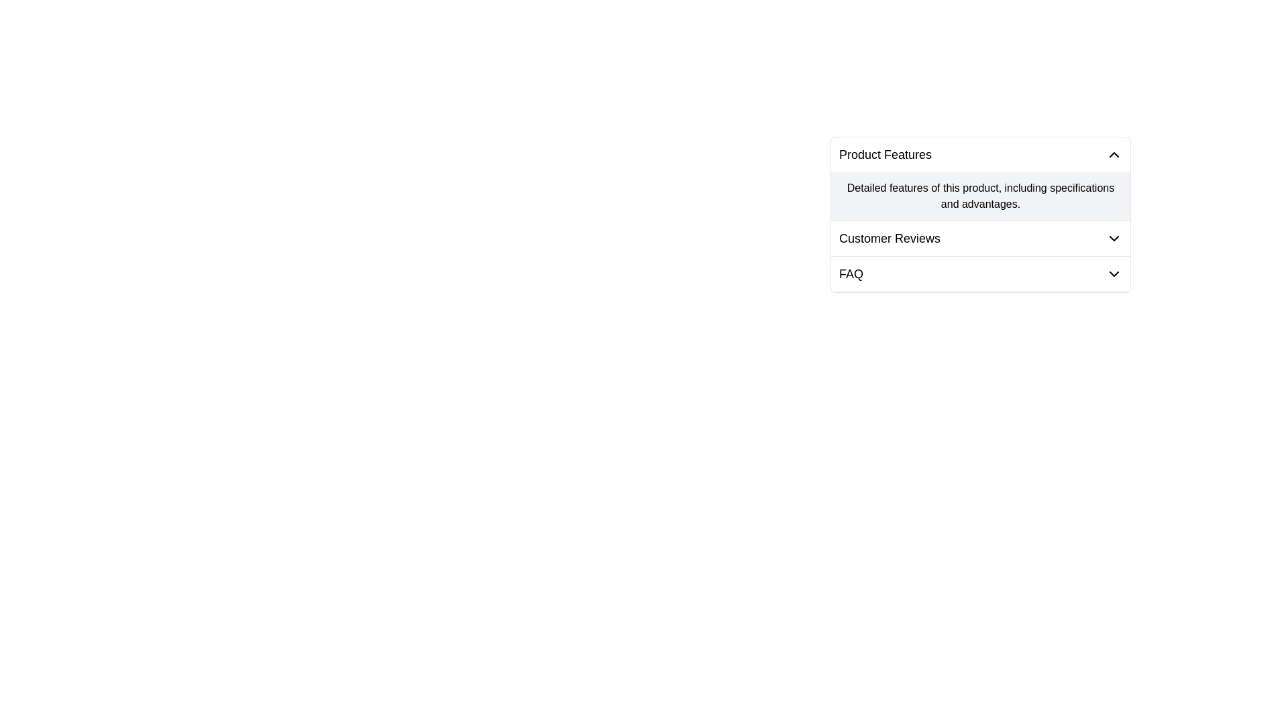 This screenshot has width=1288, height=724. What do you see at coordinates (981, 237) in the screenshot?
I see `the interactive header or toggle button for customer reviews` at bounding box center [981, 237].